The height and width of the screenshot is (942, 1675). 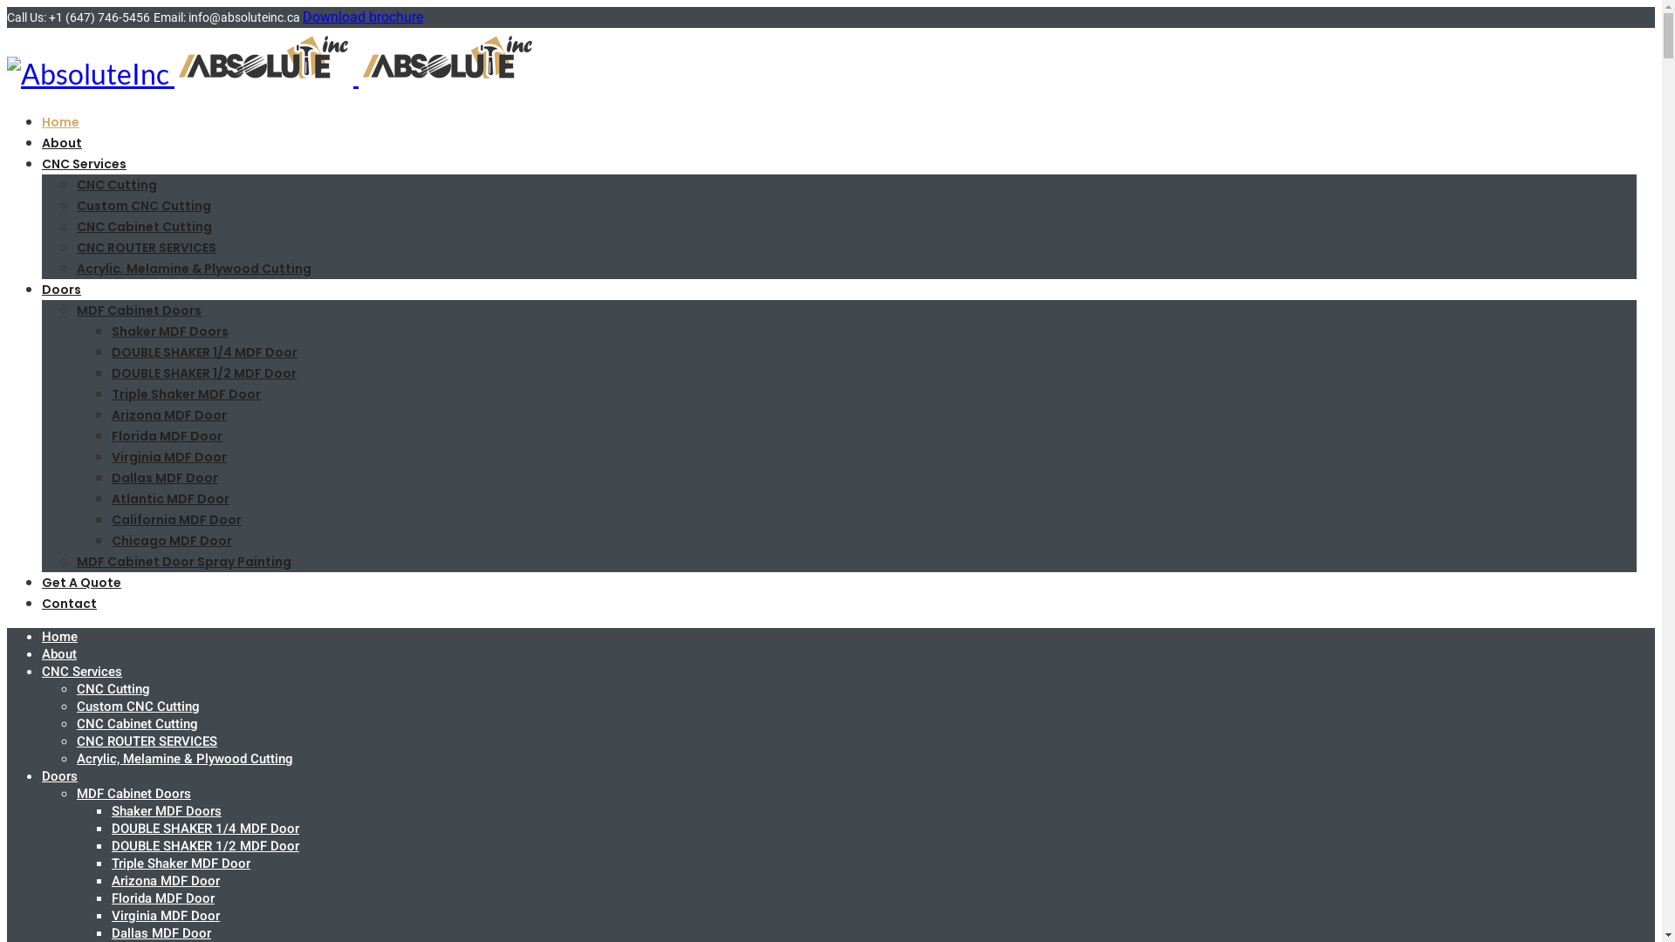 I want to click on 'Dallas MDF Door', so click(x=111, y=477).